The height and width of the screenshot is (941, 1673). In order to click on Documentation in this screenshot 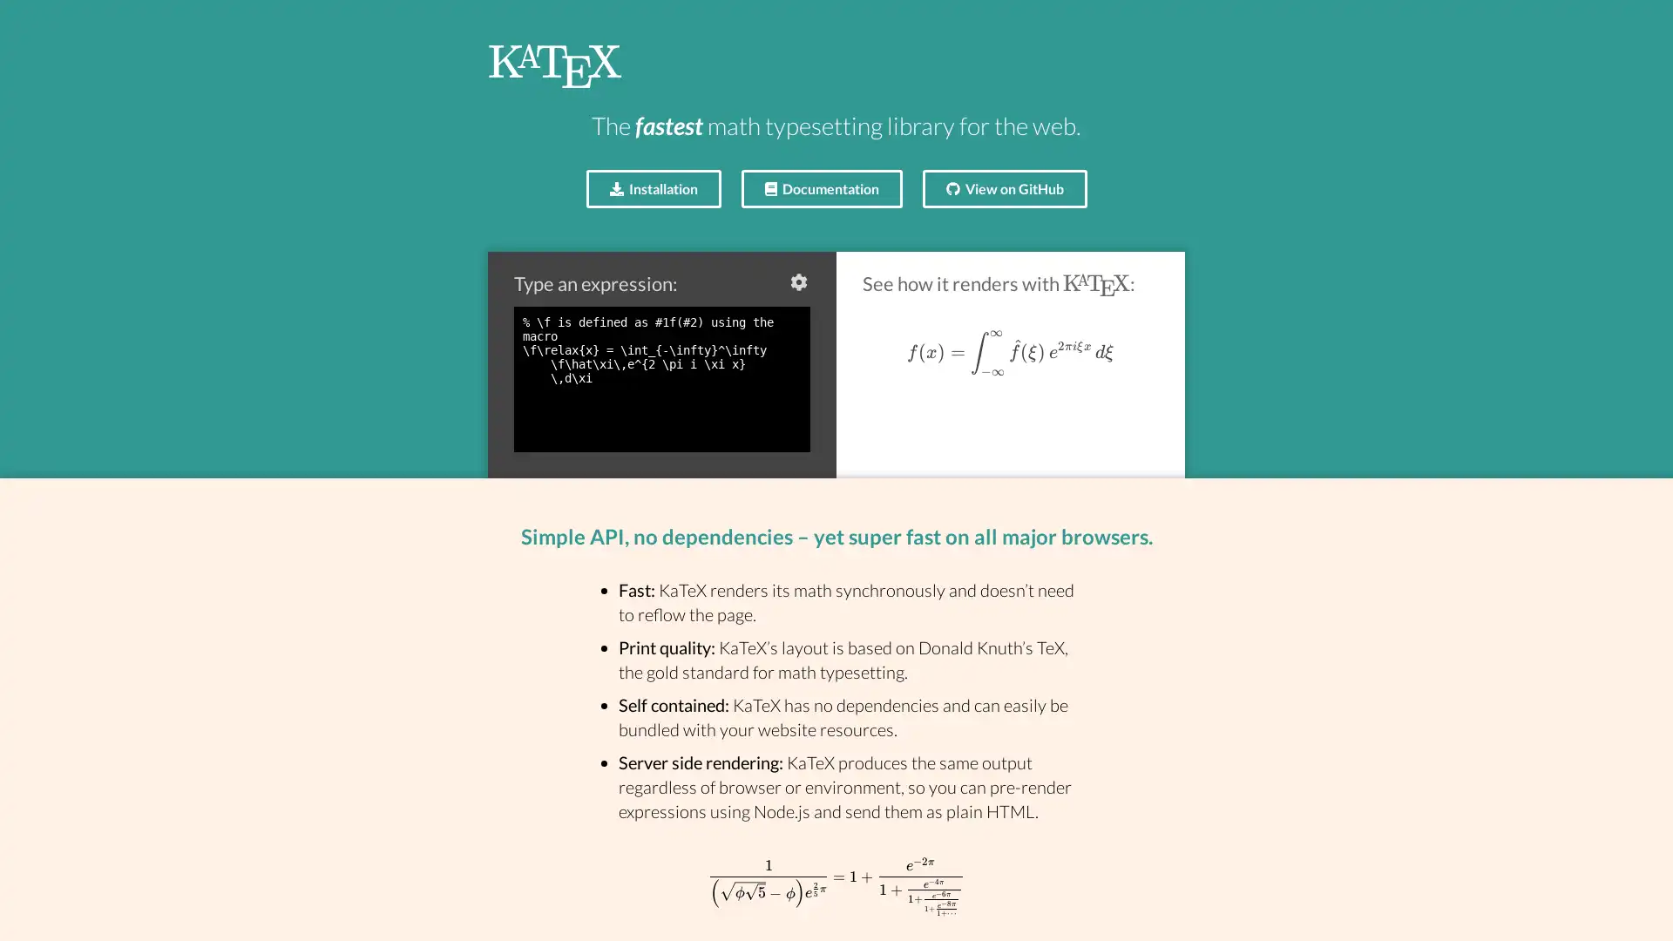, I will do `click(820, 188)`.